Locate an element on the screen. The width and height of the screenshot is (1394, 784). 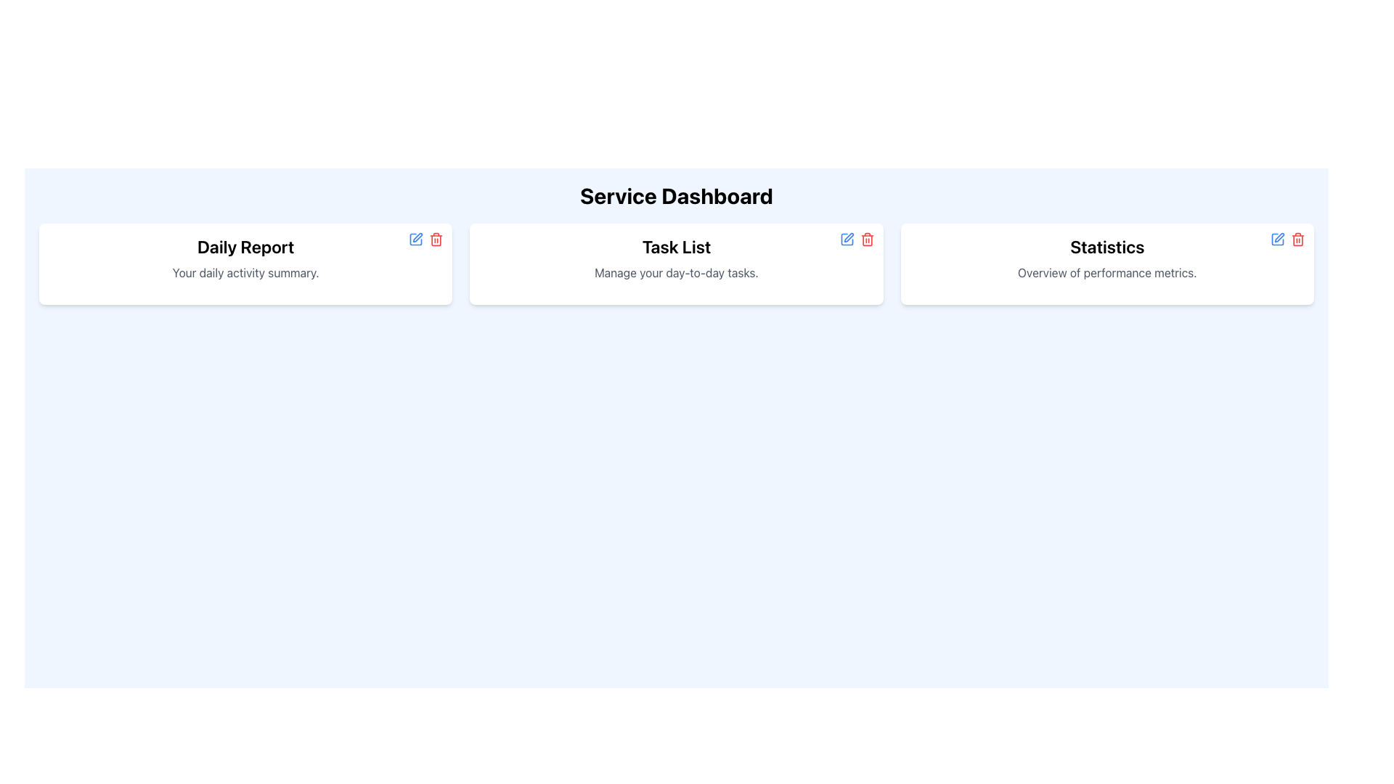
the editing icon located to the left of the word 'Statistics' in the rightmost card is located at coordinates (1276, 239).